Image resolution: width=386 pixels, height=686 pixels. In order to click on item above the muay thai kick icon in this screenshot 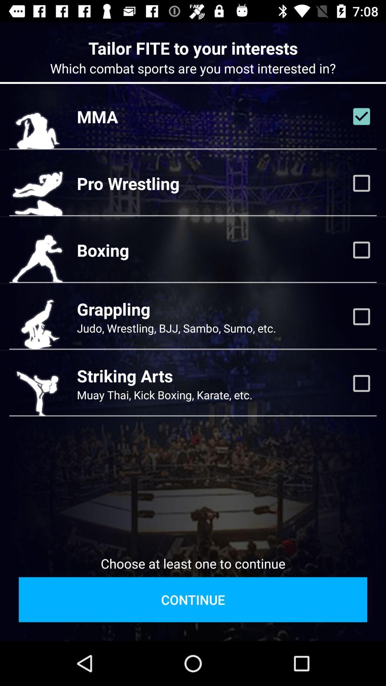, I will do `click(124, 375)`.